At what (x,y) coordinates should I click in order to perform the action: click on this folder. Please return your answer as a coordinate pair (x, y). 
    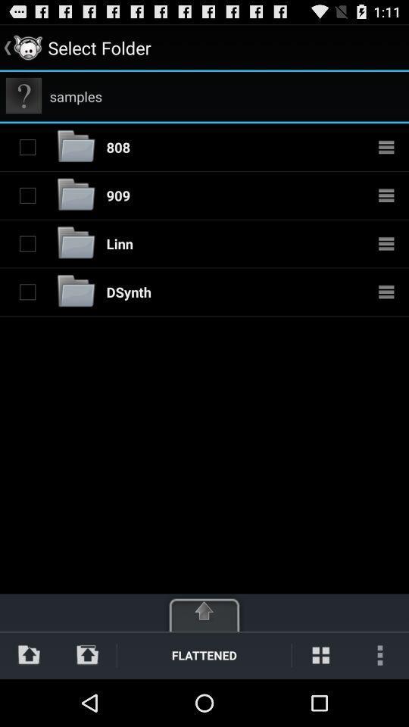
    Looking at the image, I should click on (27, 195).